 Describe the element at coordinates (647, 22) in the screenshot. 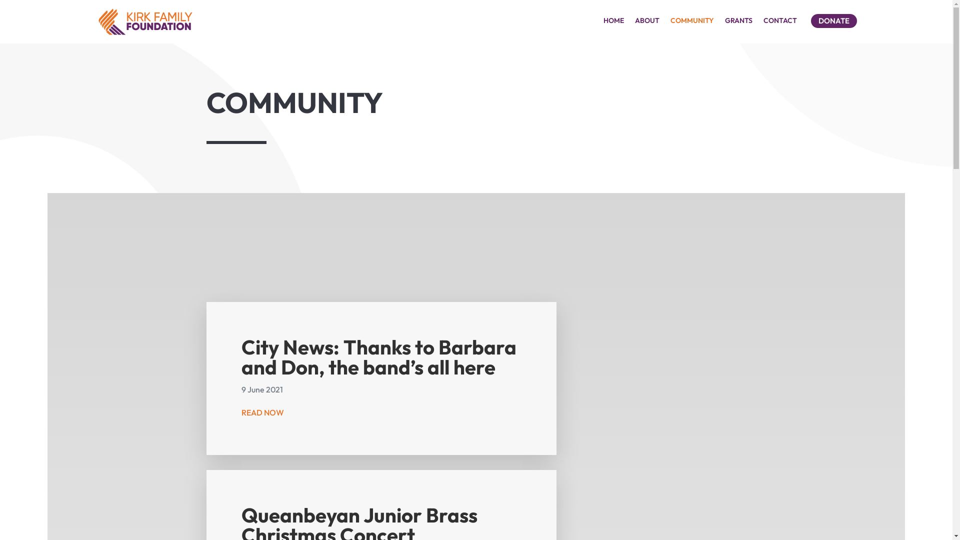

I see `'ABOUT'` at that location.